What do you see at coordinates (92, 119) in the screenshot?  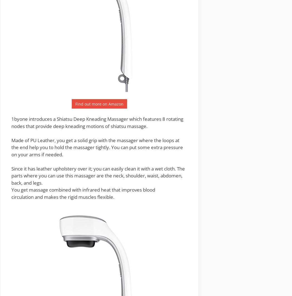 I see `'Shiatsu Deep Kneading Massager'` at bounding box center [92, 119].